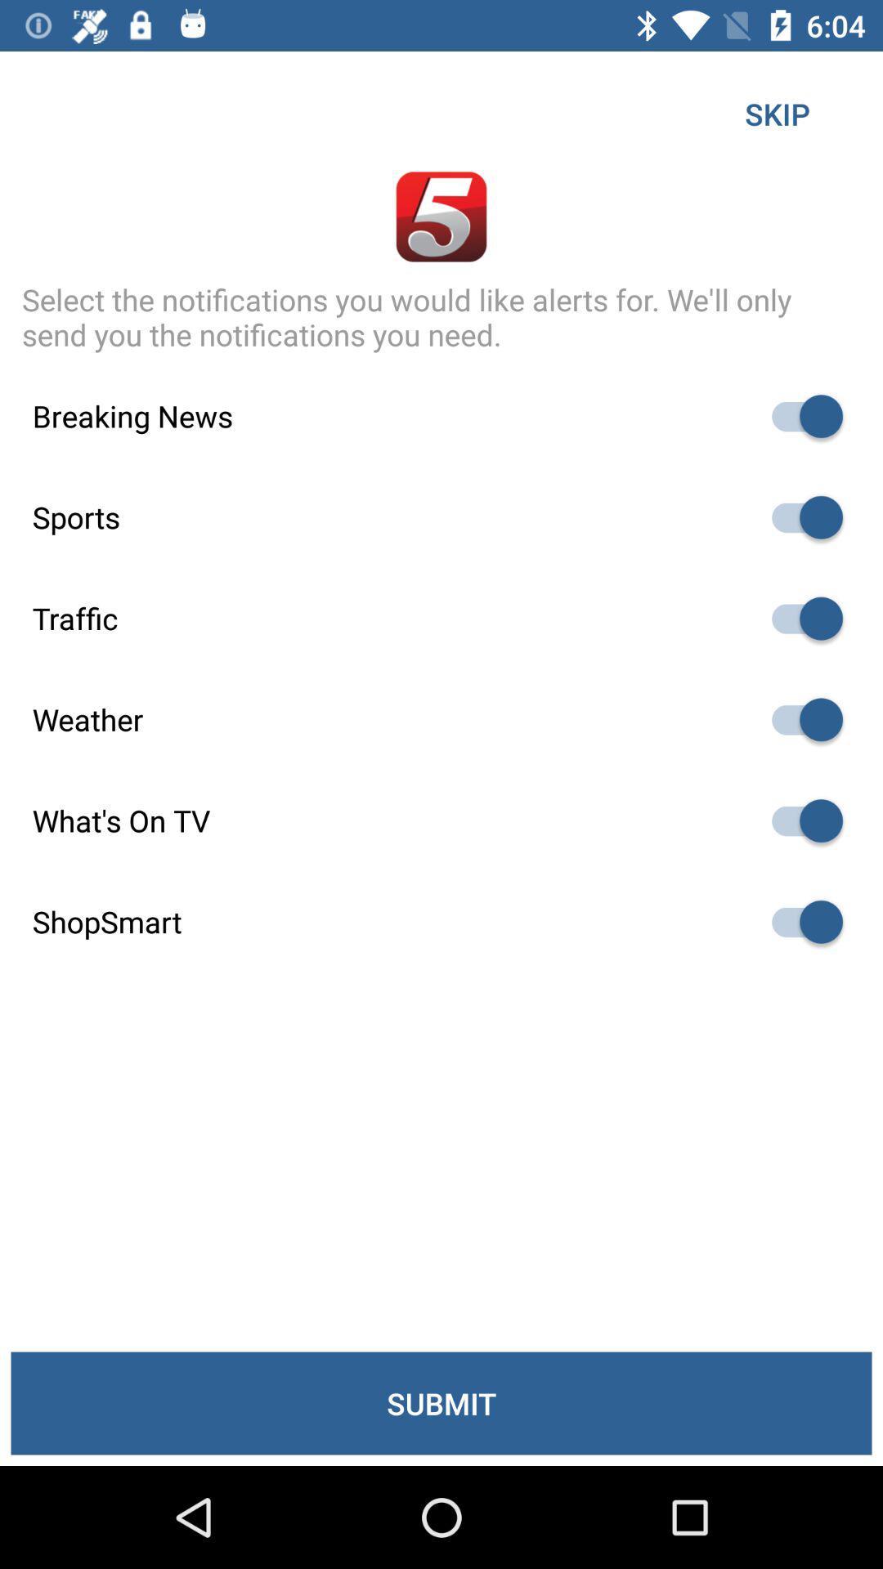 Image resolution: width=883 pixels, height=1569 pixels. Describe the element at coordinates (799, 820) in the screenshot. I see `television programming toggle on` at that location.